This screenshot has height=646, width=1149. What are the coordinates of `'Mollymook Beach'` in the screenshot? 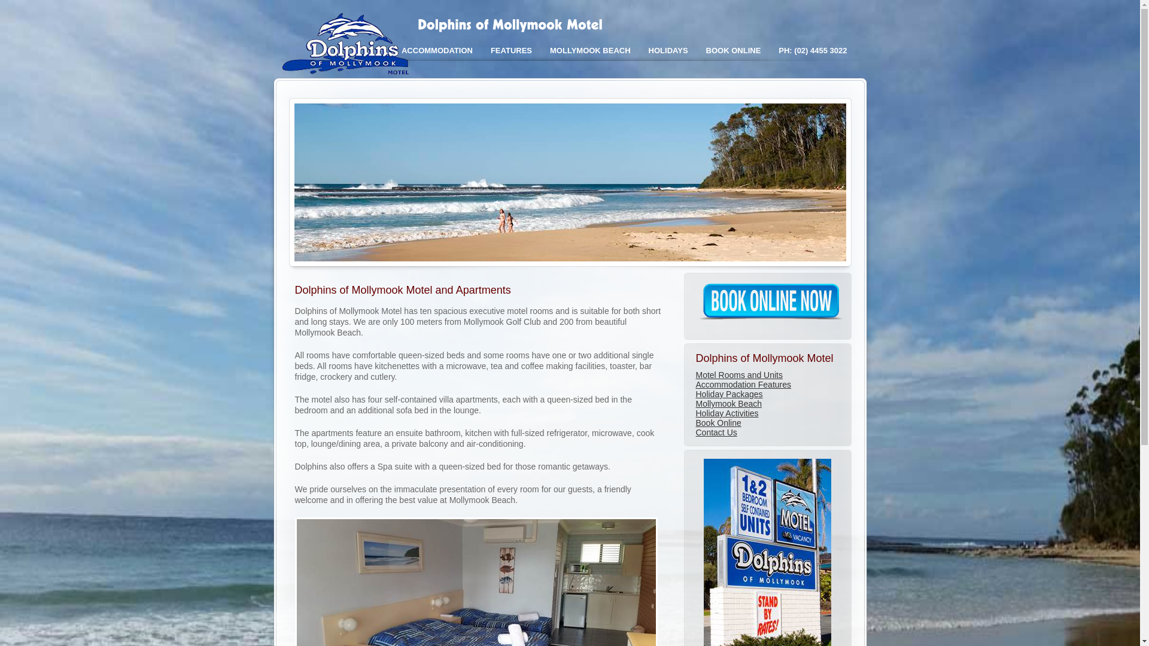 It's located at (695, 404).